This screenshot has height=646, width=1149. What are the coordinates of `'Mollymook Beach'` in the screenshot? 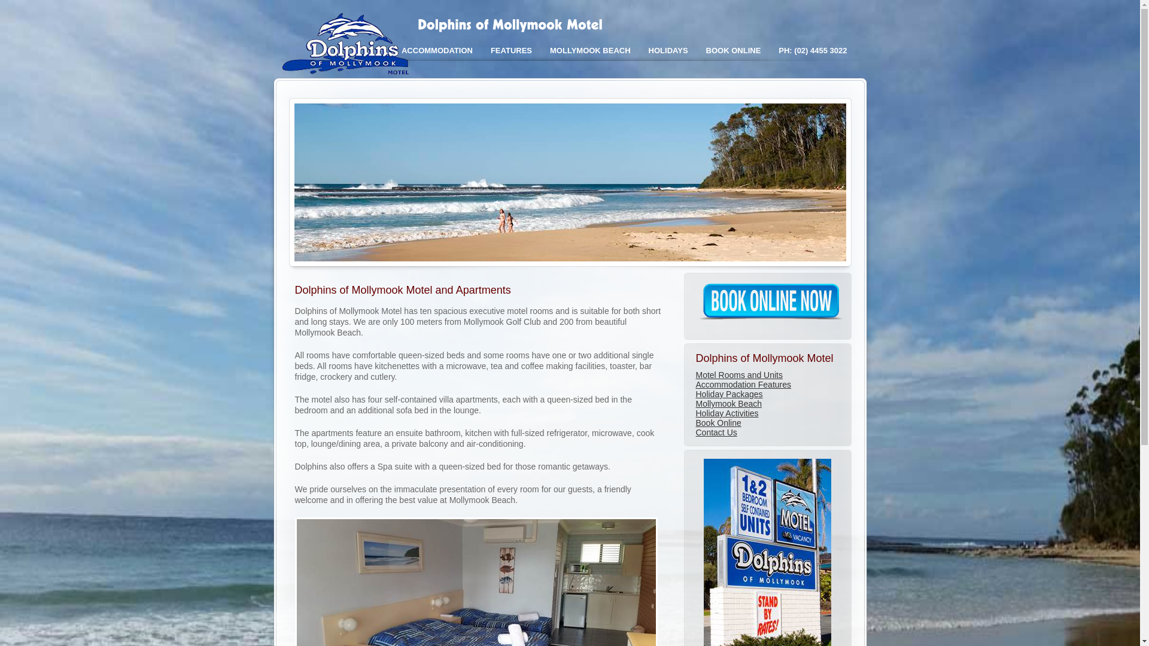 It's located at (695, 404).